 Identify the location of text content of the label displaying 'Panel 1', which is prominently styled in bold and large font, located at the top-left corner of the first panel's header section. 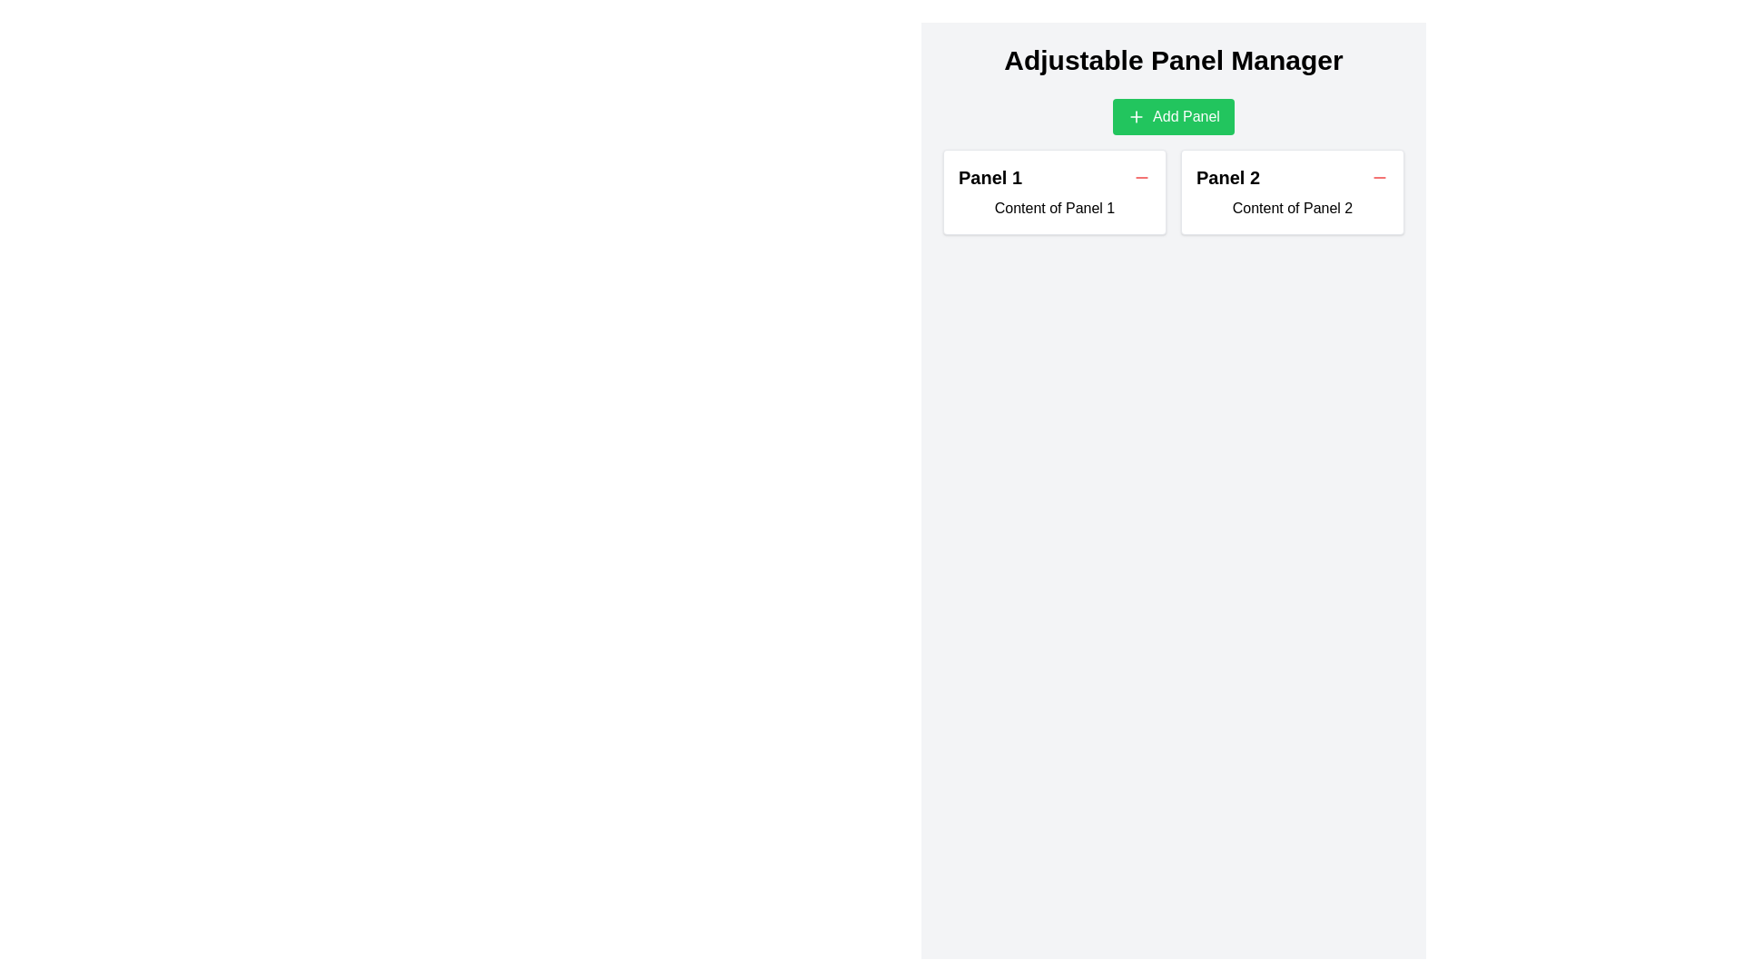
(989, 178).